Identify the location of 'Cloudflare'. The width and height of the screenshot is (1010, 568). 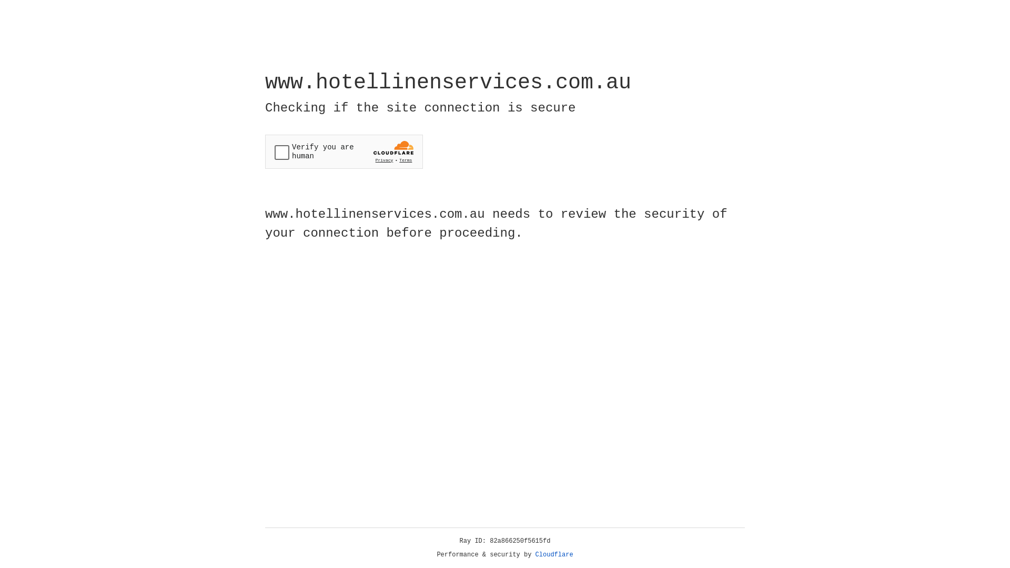
(554, 554).